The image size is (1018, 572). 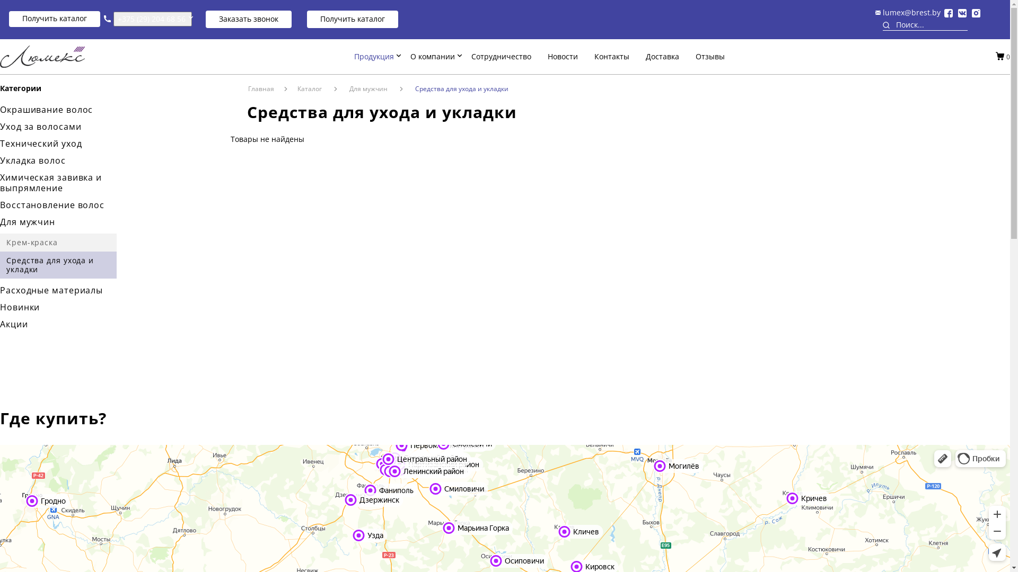 What do you see at coordinates (152, 19) in the screenshot?
I see `'+375 (29) 204 68 56'` at bounding box center [152, 19].